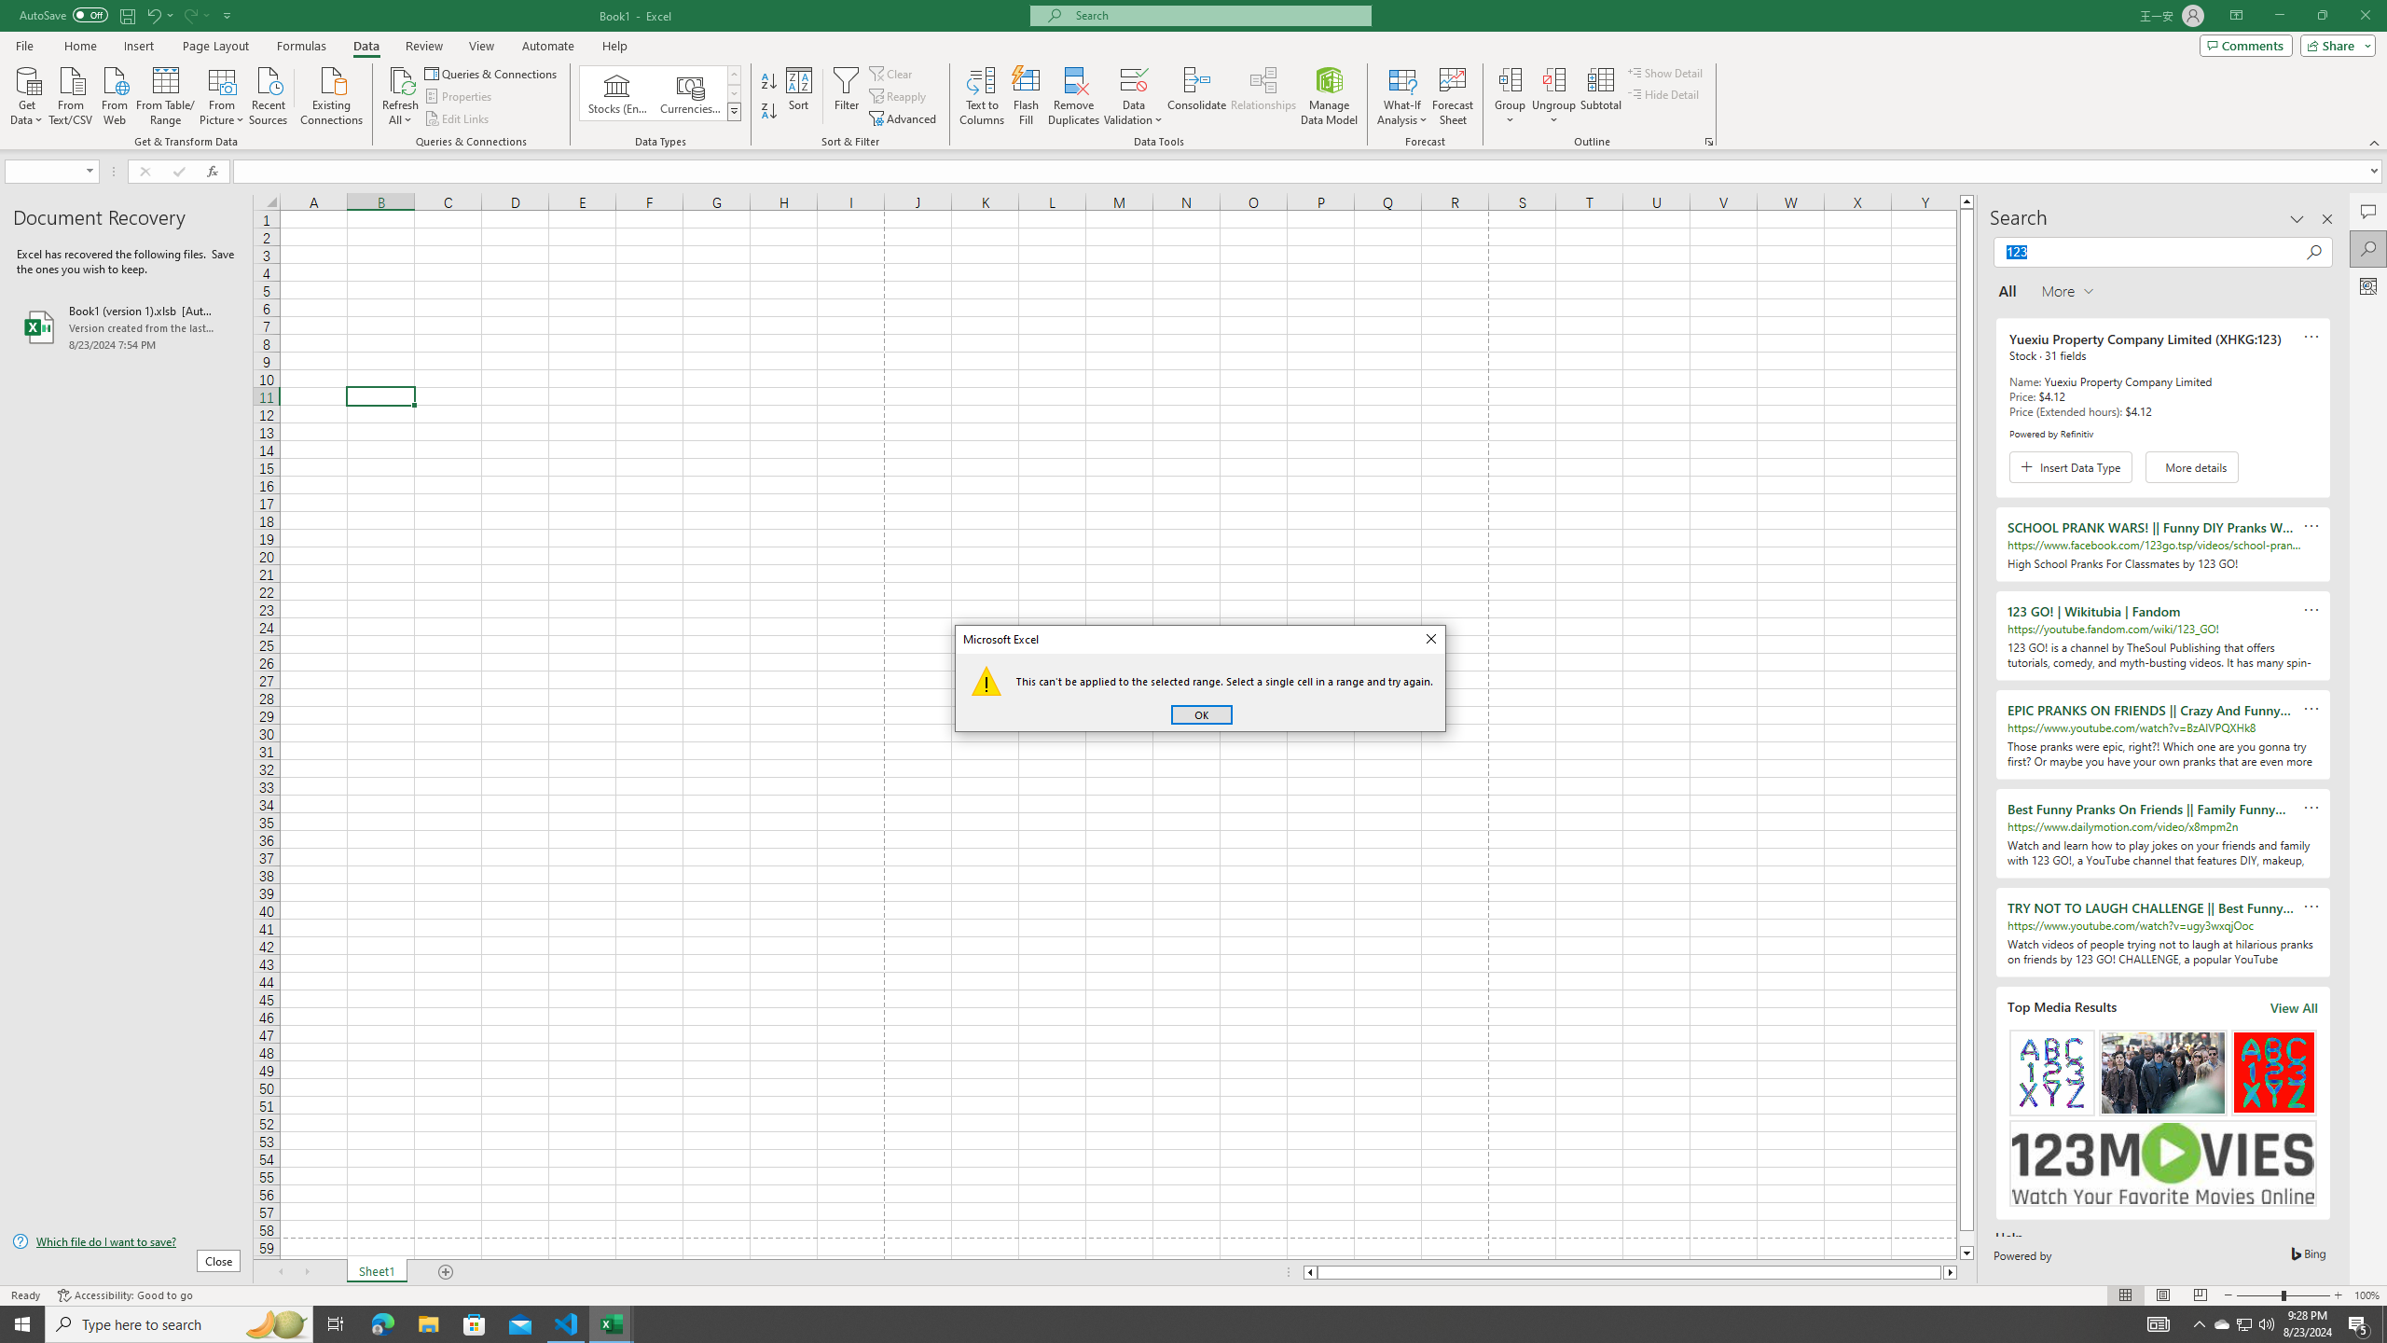 This screenshot has height=1343, width=2387. Describe the element at coordinates (2322, 15) in the screenshot. I see `'Restore Down'` at that location.